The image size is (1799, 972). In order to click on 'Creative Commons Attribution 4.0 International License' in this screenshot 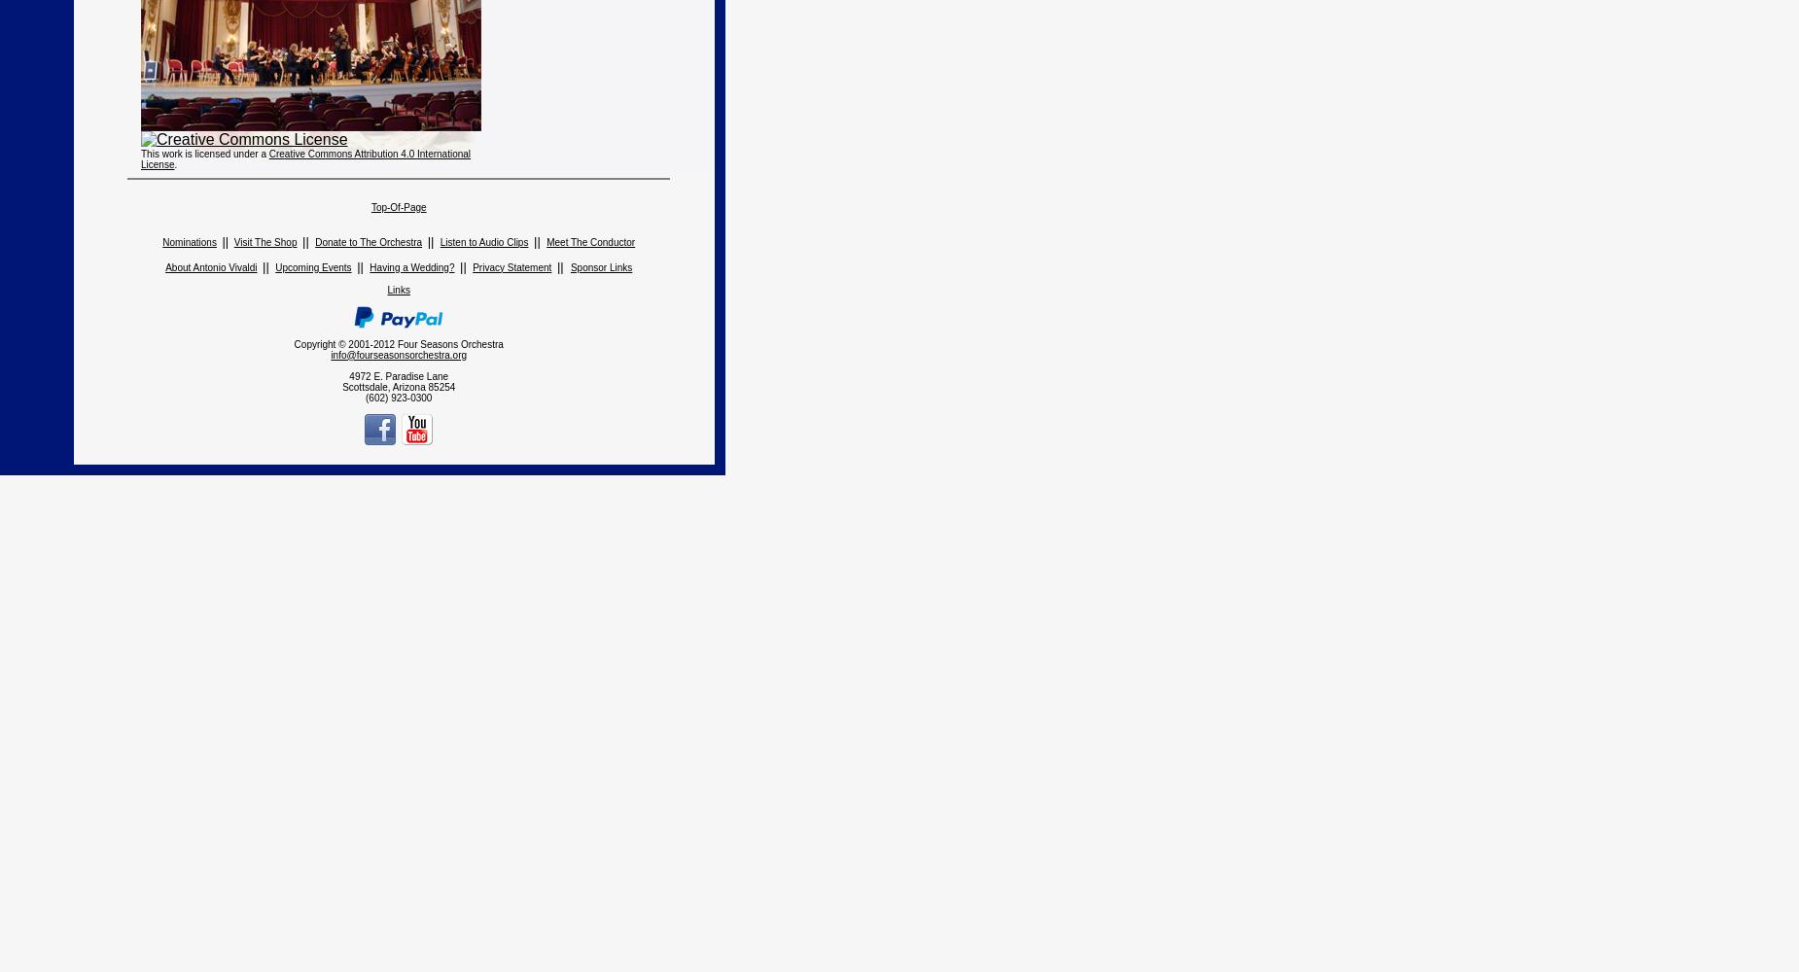, I will do `click(304, 158)`.